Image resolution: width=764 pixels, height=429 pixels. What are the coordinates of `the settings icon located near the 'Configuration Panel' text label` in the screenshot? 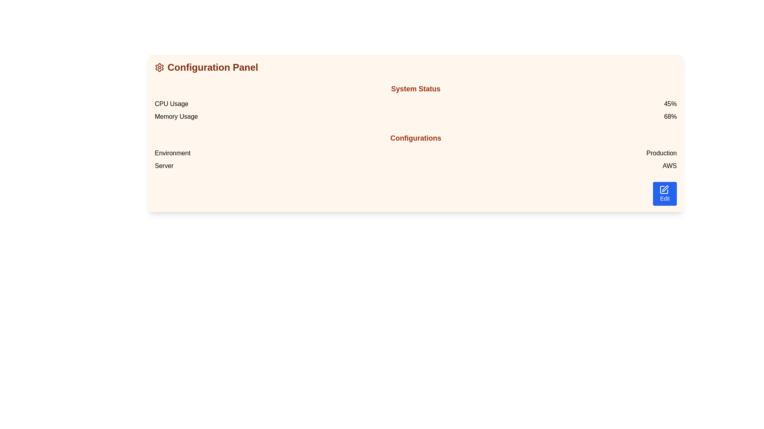 It's located at (159, 67).